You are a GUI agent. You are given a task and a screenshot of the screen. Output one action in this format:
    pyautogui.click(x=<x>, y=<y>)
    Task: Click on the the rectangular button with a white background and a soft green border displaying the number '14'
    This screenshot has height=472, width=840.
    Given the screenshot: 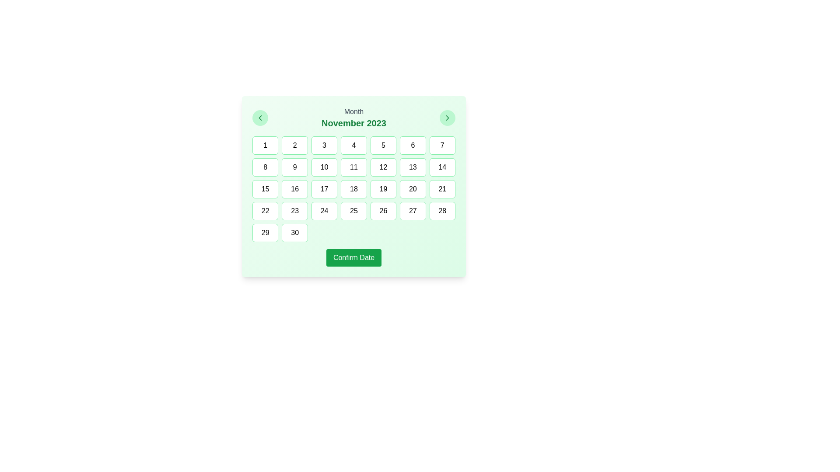 What is the action you would take?
    pyautogui.click(x=442, y=167)
    